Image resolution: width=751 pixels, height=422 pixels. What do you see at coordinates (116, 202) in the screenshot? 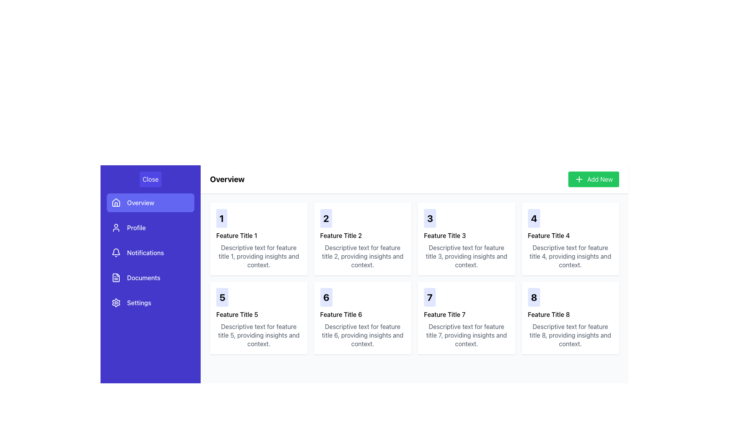
I see `the upper region of the blue house-shaped glyph in the navigation sidebar, located to the left of the 'Overview' label` at bounding box center [116, 202].